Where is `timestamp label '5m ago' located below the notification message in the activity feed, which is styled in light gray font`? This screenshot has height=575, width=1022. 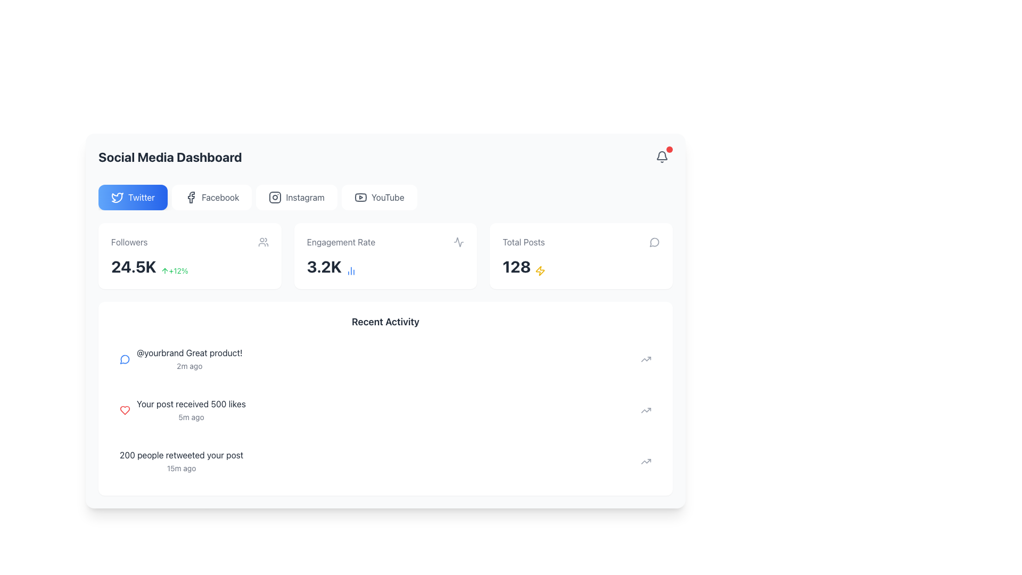
timestamp label '5m ago' located below the notification message in the activity feed, which is styled in light gray font is located at coordinates (191, 416).